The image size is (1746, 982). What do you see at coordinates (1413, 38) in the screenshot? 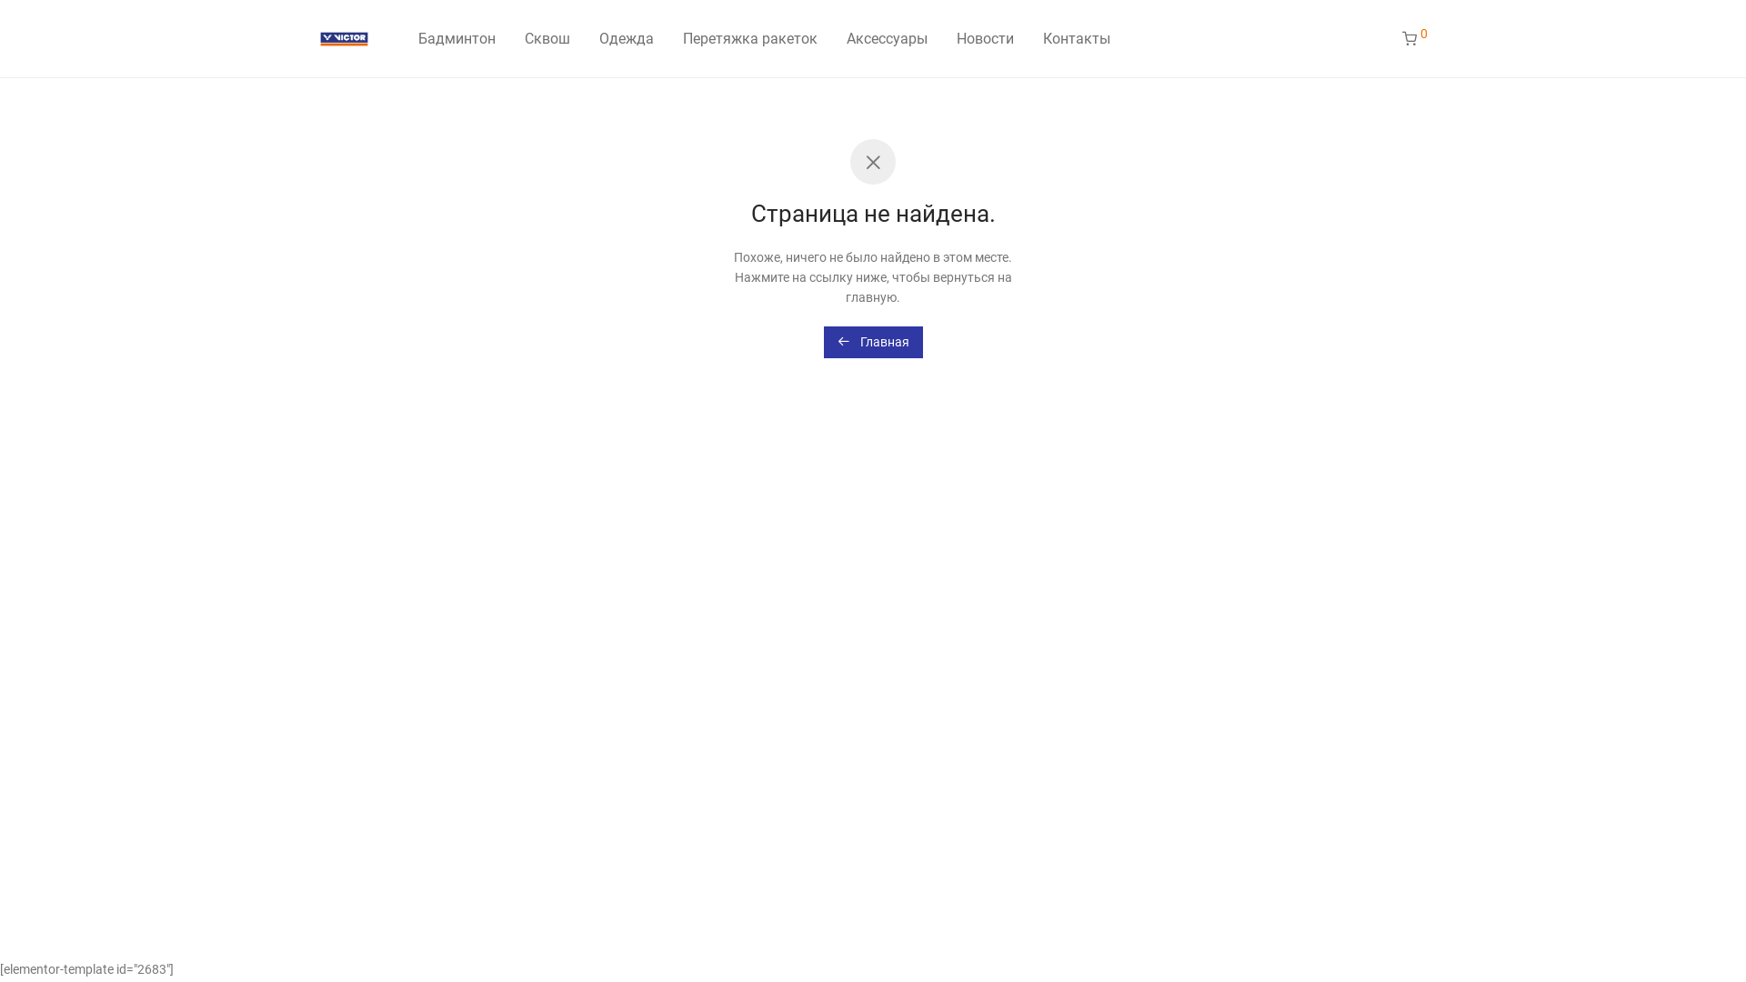
I see `'0'` at bounding box center [1413, 38].